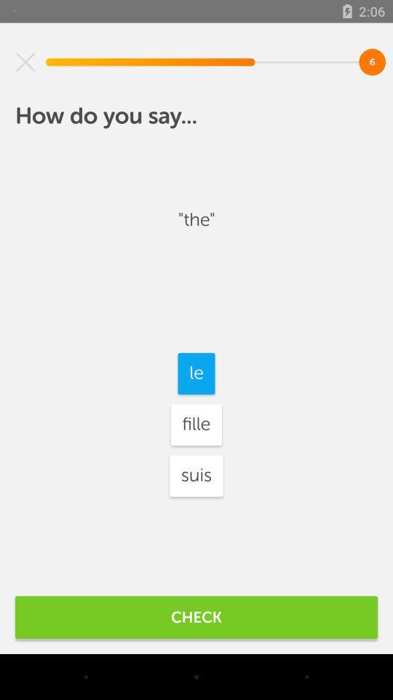 The height and width of the screenshot is (700, 393). Describe the element at coordinates (196, 475) in the screenshot. I see `suis icon` at that location.